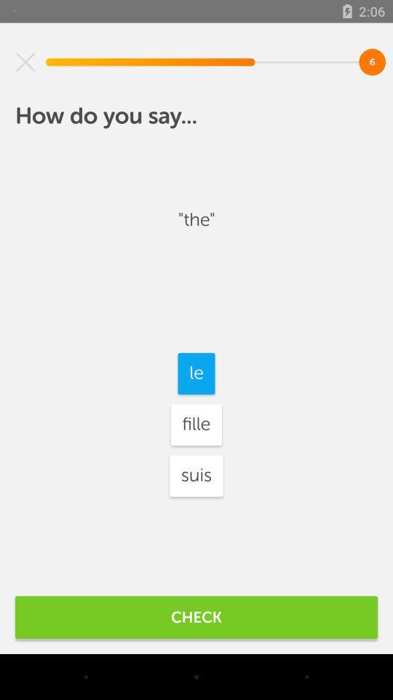 The height and width of the screenshot is (700, 393). Describe the element at coordinates (196, 475) in the screenshot. I see `suis icon` at that location.